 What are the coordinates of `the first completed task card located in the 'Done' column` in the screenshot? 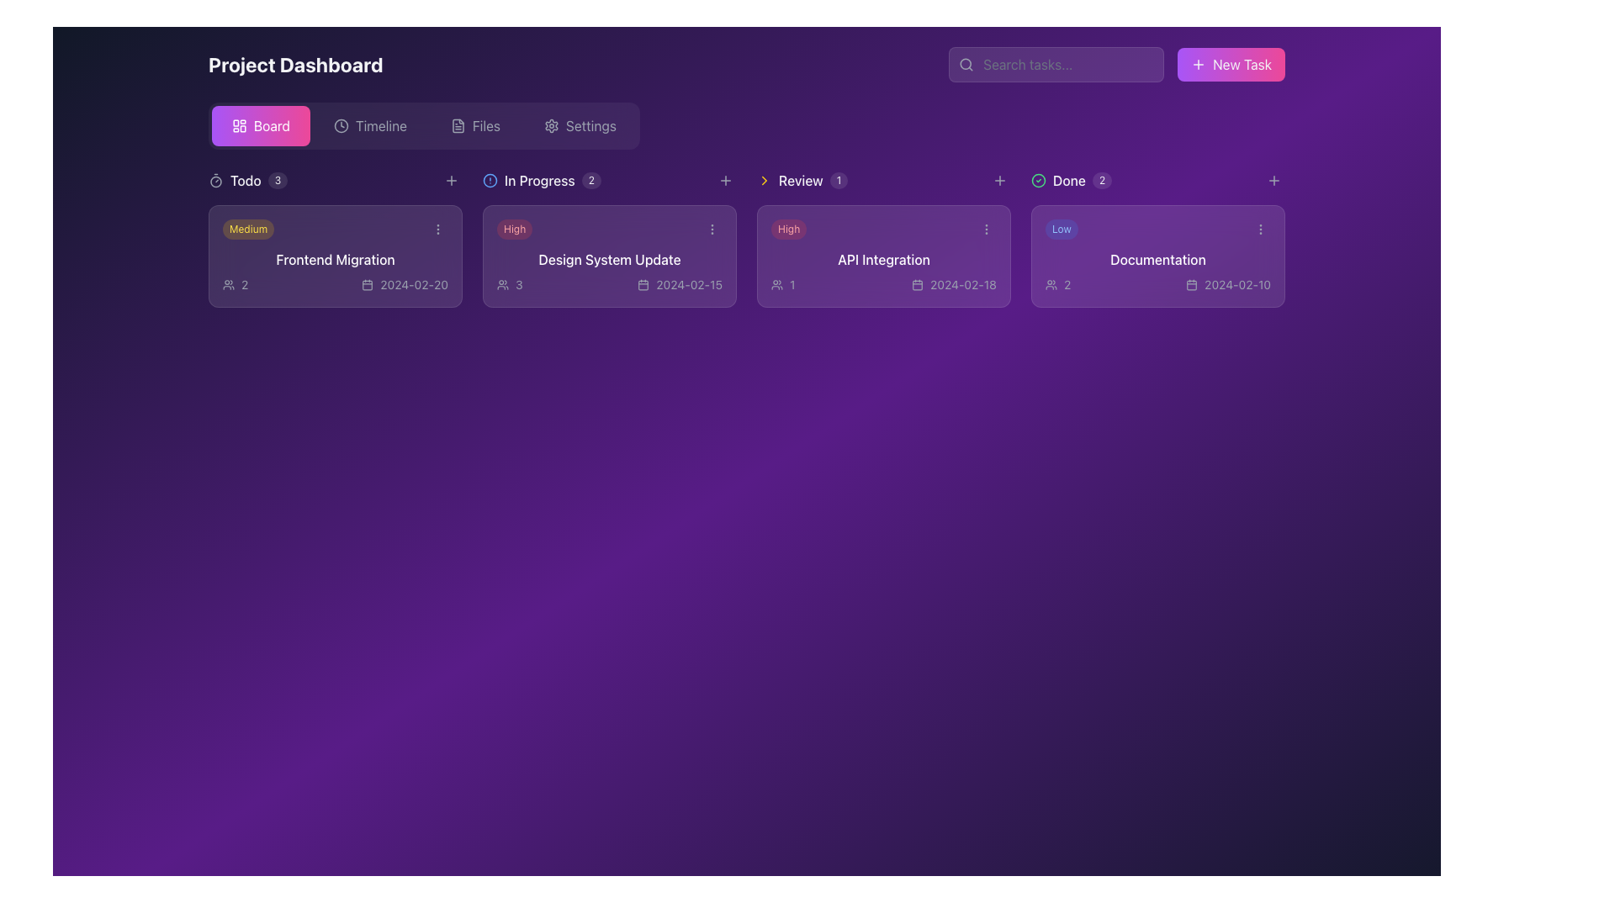 It's located at (1157, 239).